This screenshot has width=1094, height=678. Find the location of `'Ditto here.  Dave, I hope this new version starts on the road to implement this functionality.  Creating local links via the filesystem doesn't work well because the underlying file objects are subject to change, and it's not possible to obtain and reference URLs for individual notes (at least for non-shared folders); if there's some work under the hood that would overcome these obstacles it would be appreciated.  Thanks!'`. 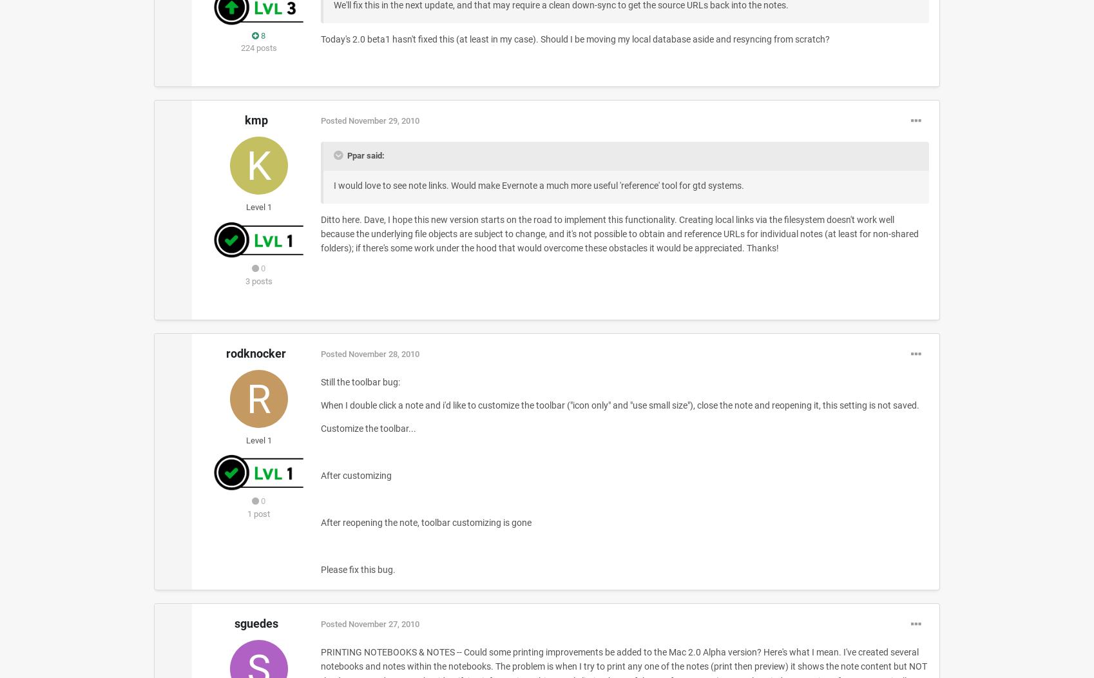

'Ditto here.  Dave, I hope this new version starts on the road to implement this functionality.  Creating local links via the filesystem doesn't work well because the underlying file objects are subject to change, and it's not possible to obtain and reference URLs for individual notes (at least for non-shared folders); if there's some work under the hood that would overcome these obstacles it would be appreciated.  Thanks!' is located at coordinates (320, 233).